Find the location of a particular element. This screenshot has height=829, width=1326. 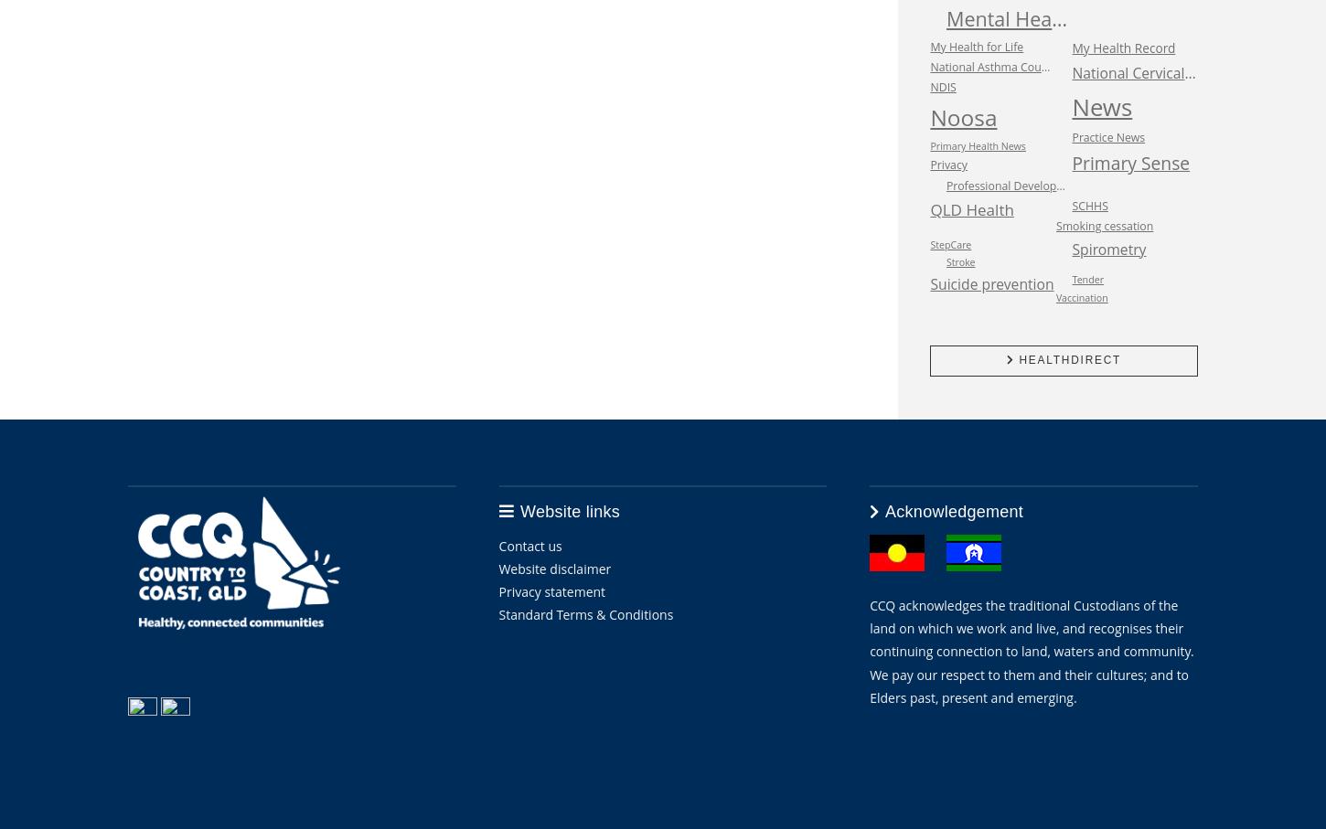

'Noosa' is located at coordinates (963, 117).